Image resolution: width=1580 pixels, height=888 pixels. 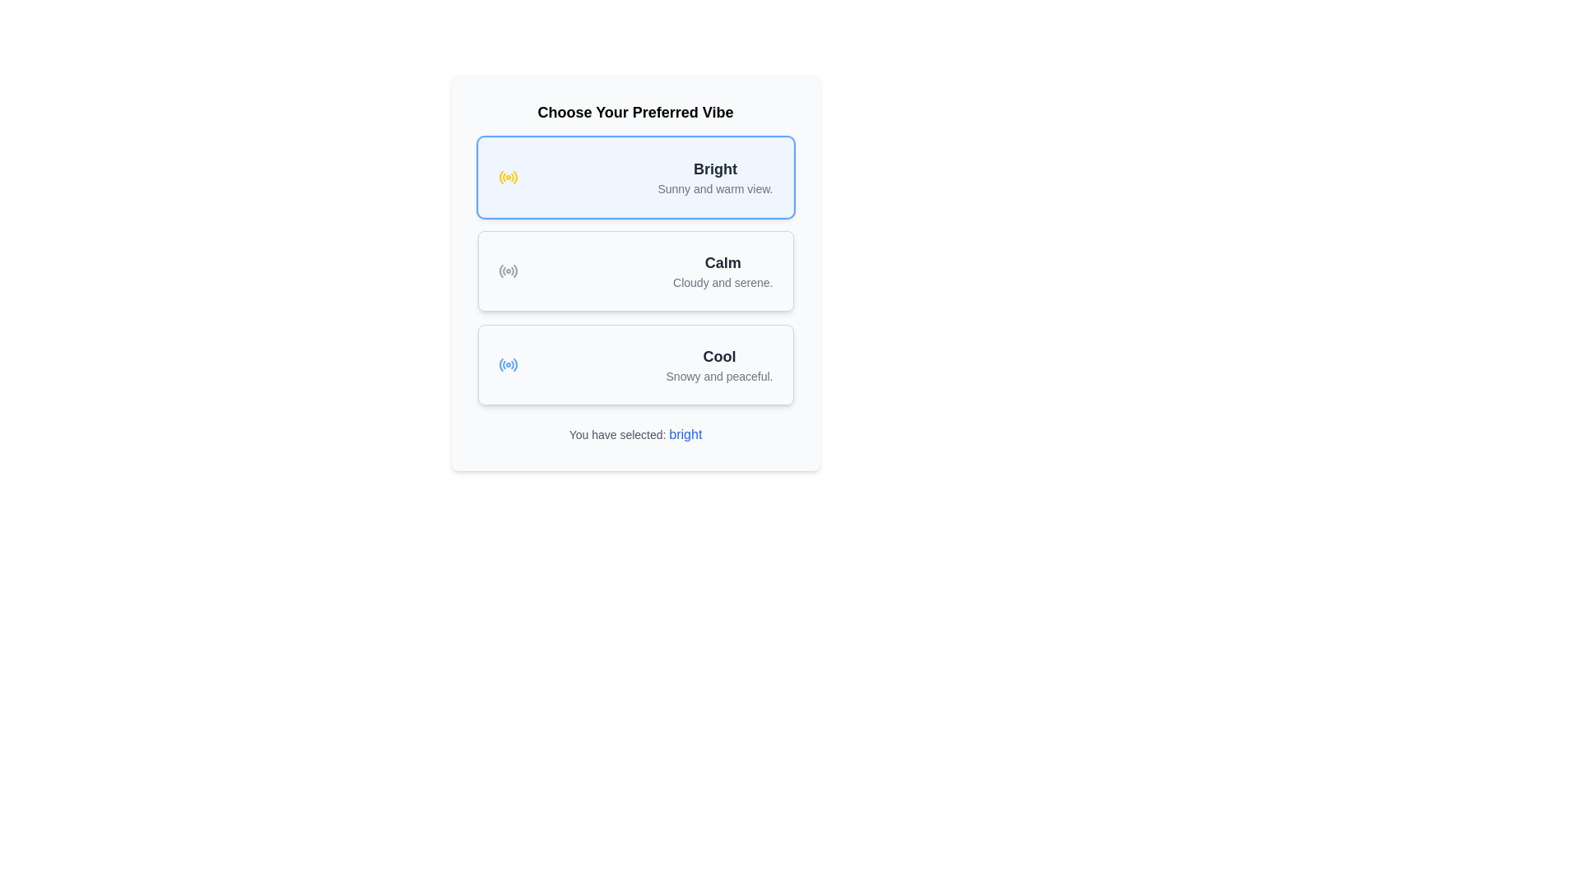 I want to click on the text notification located below the selectable options ('Bright', 'Calm', and 'Cool'), which informs the user of their current selection, so click(x=634, y=433).